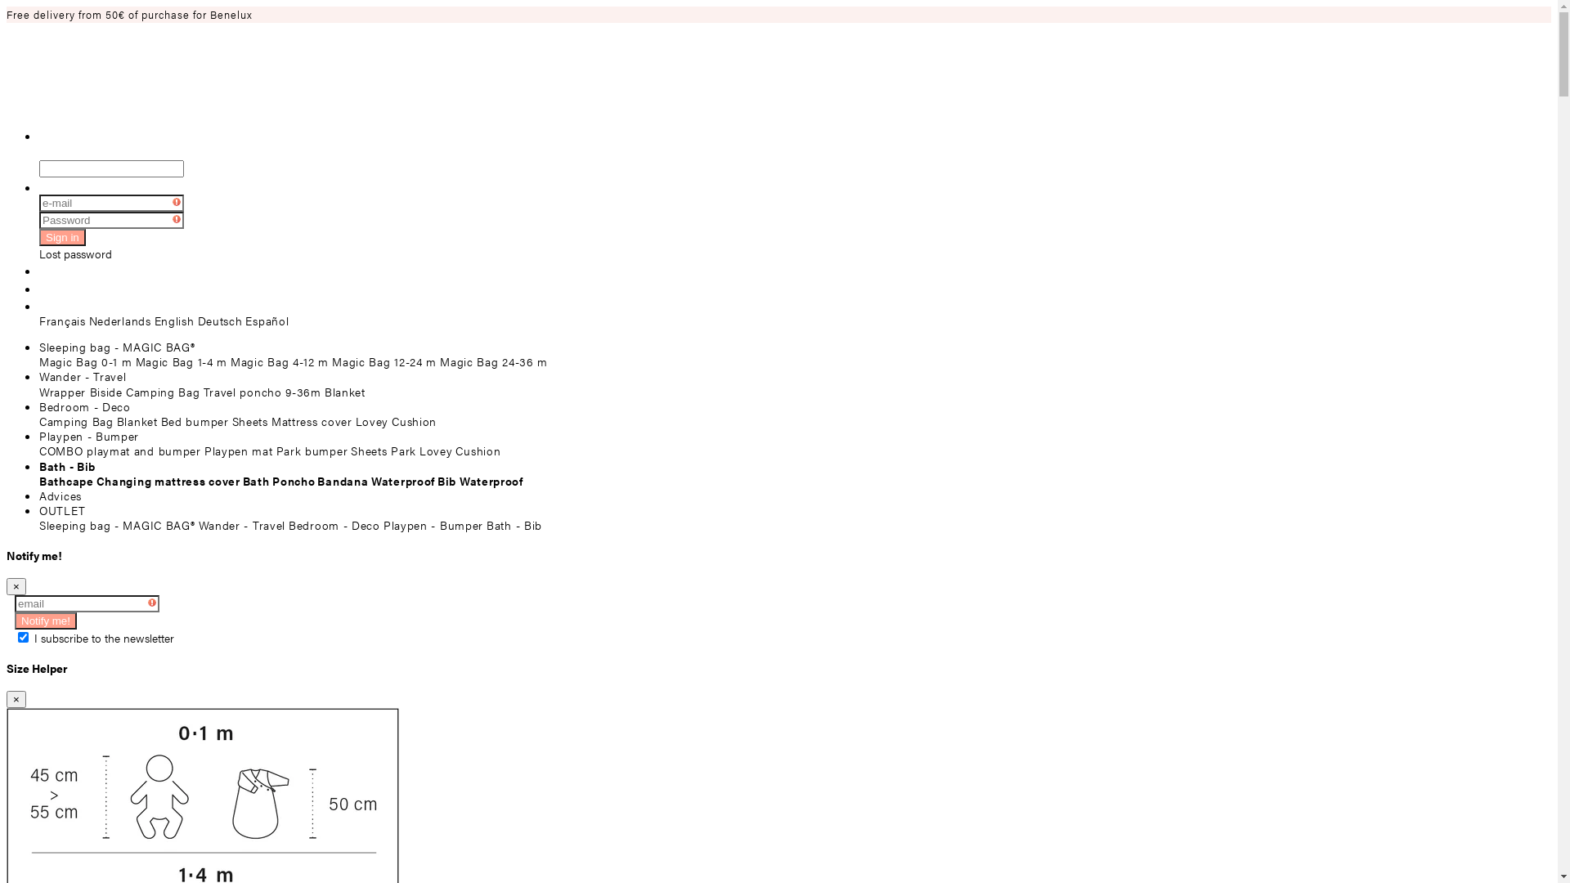 This screenshot has height=883, width=1570. Describe the element at coordinates (84, 406) in the screenshot. I see `'Bedroom - Deco'` at that location.